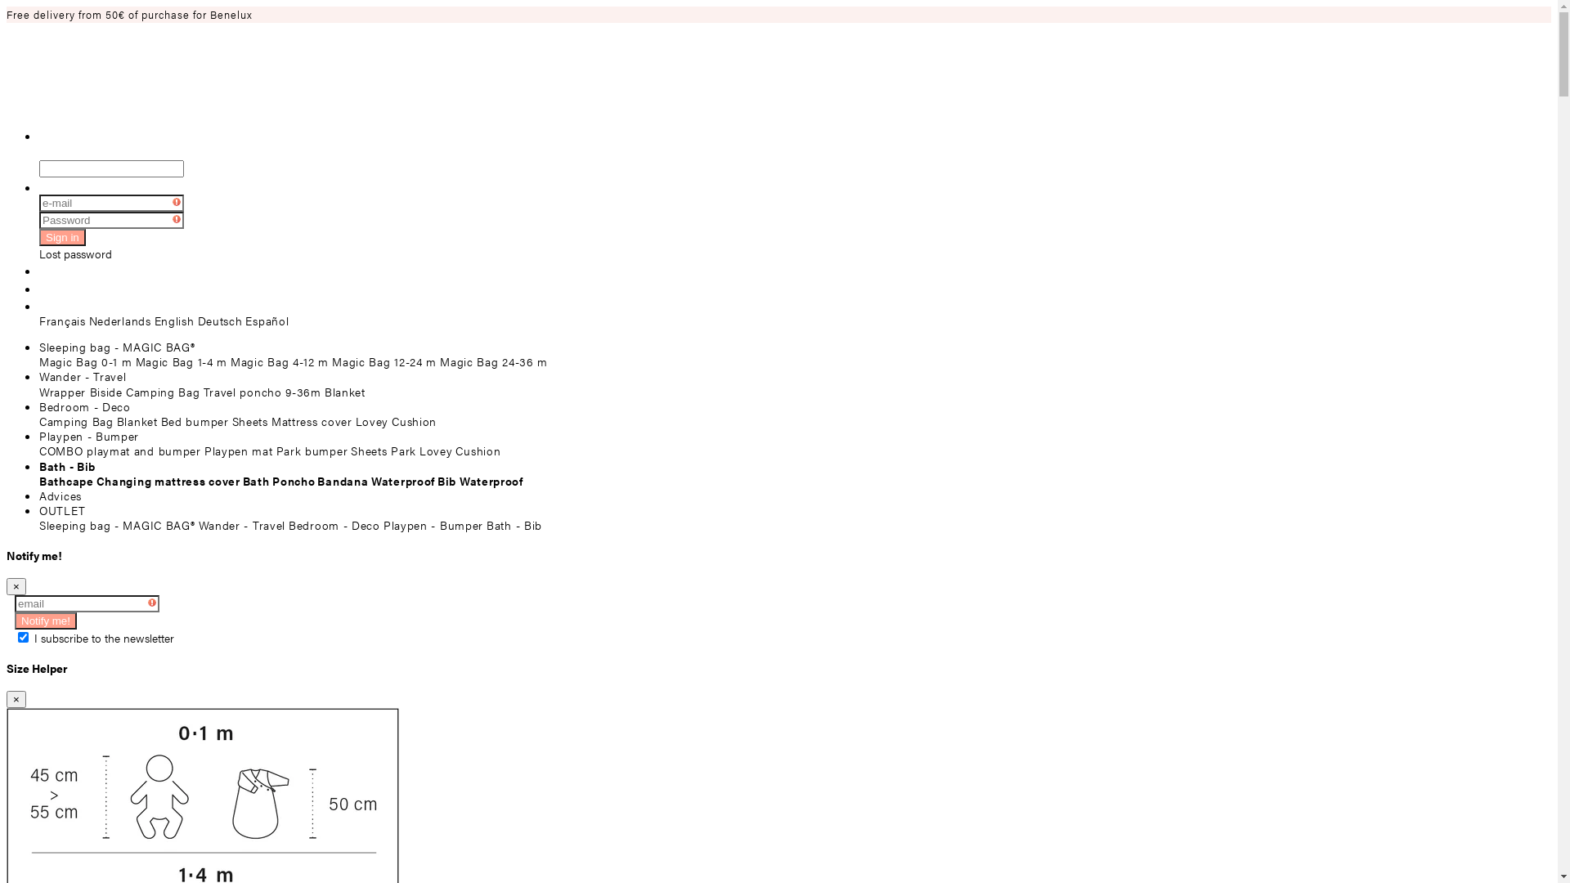 This screenshot has height=883, width=1570. Describe the element at coordinates (84, 406) in the screenshot. I see `'Bedroom - Deco'` at that location.